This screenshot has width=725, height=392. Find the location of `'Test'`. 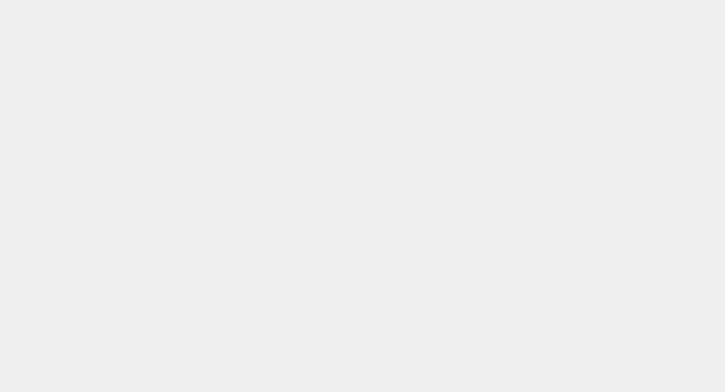

'Test' is located at coordinates (332, 37).